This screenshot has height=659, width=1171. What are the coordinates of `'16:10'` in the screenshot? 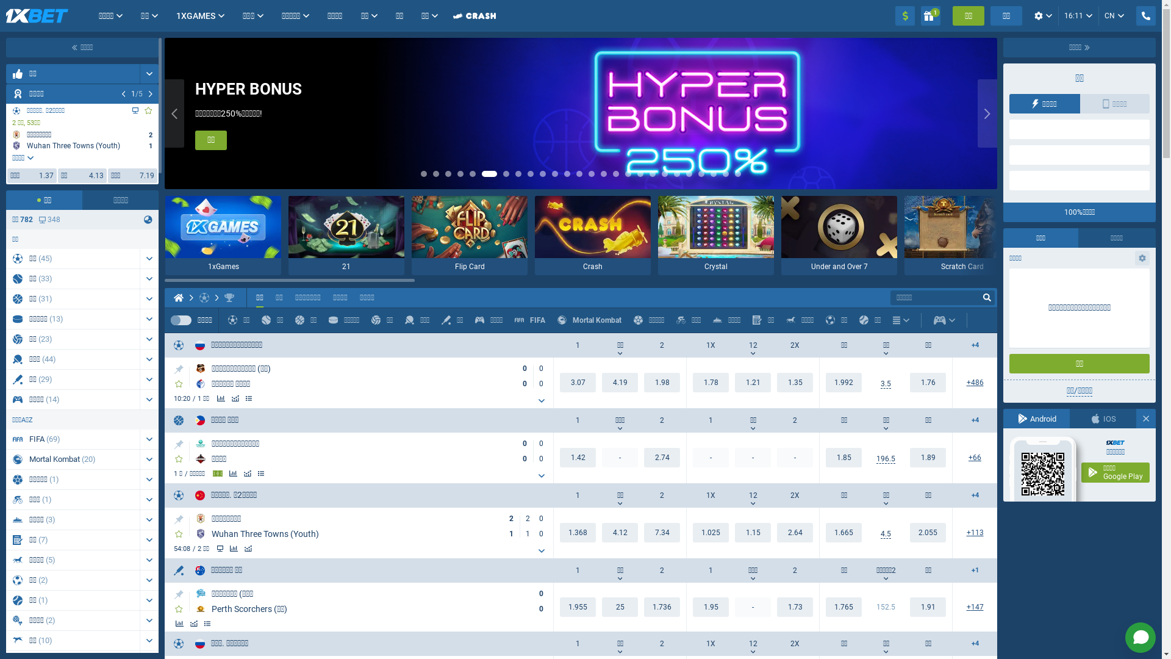 It's located at (1060, 16).